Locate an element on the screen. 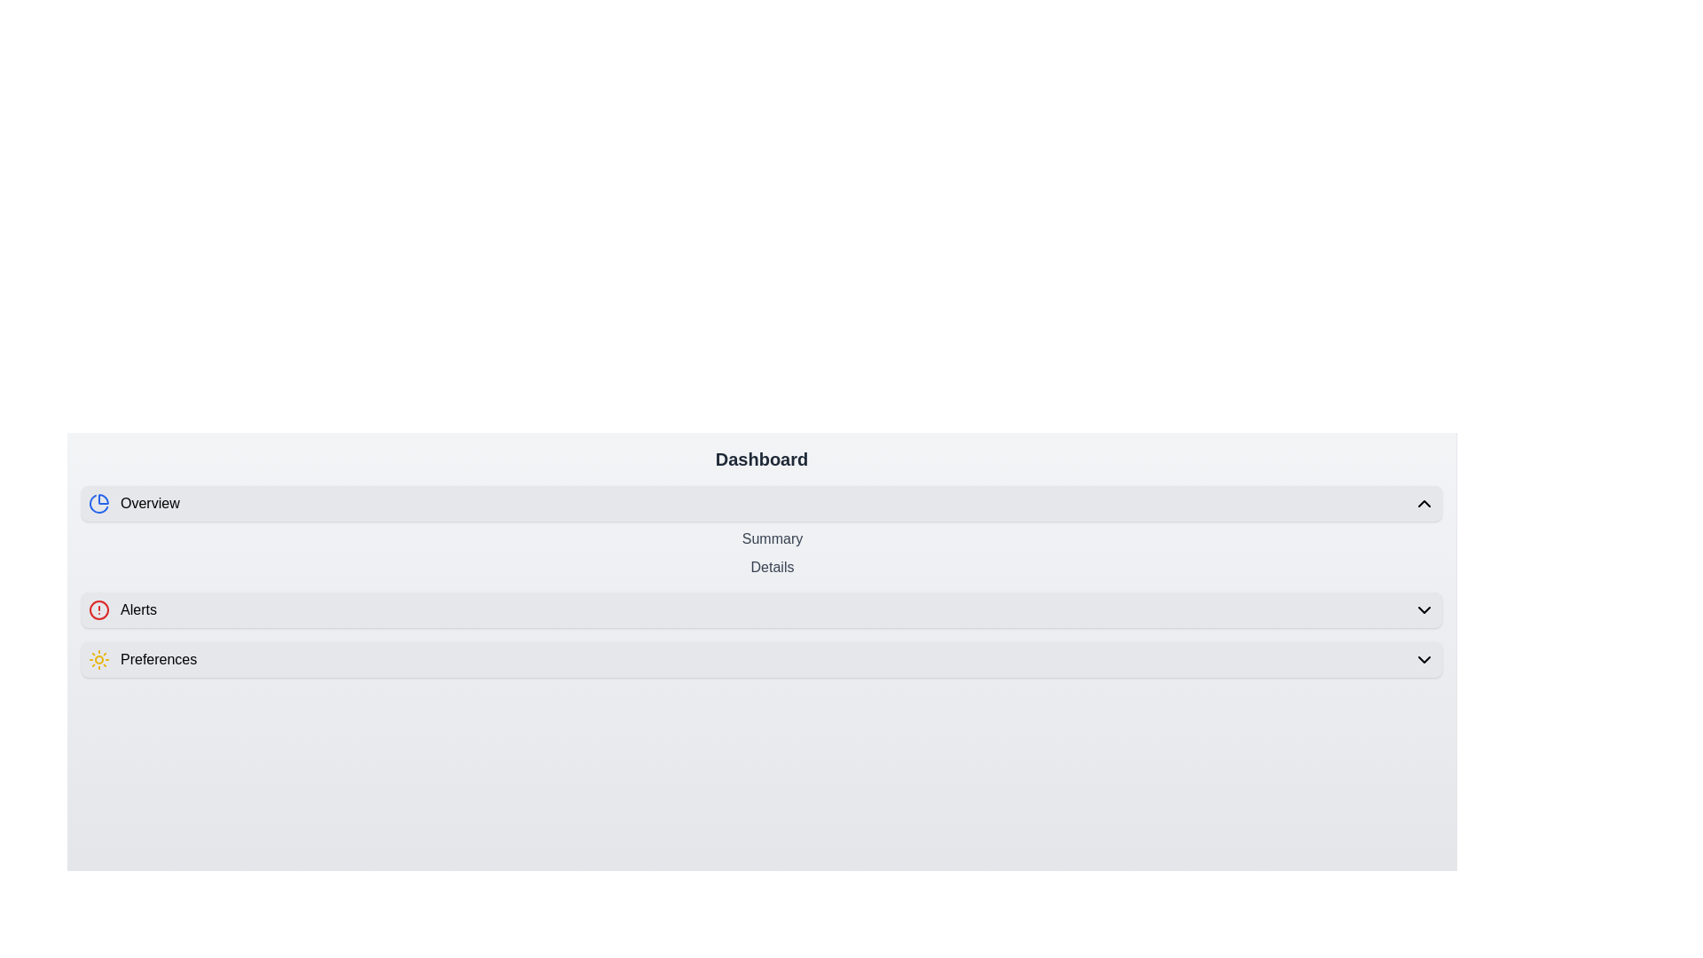 The image size is (1703, 958). the 'Preferences' menu item, which consists of a text label and a sun icon, located in the third position of the vertically-stacked menu is located at coordinates (143, 660).